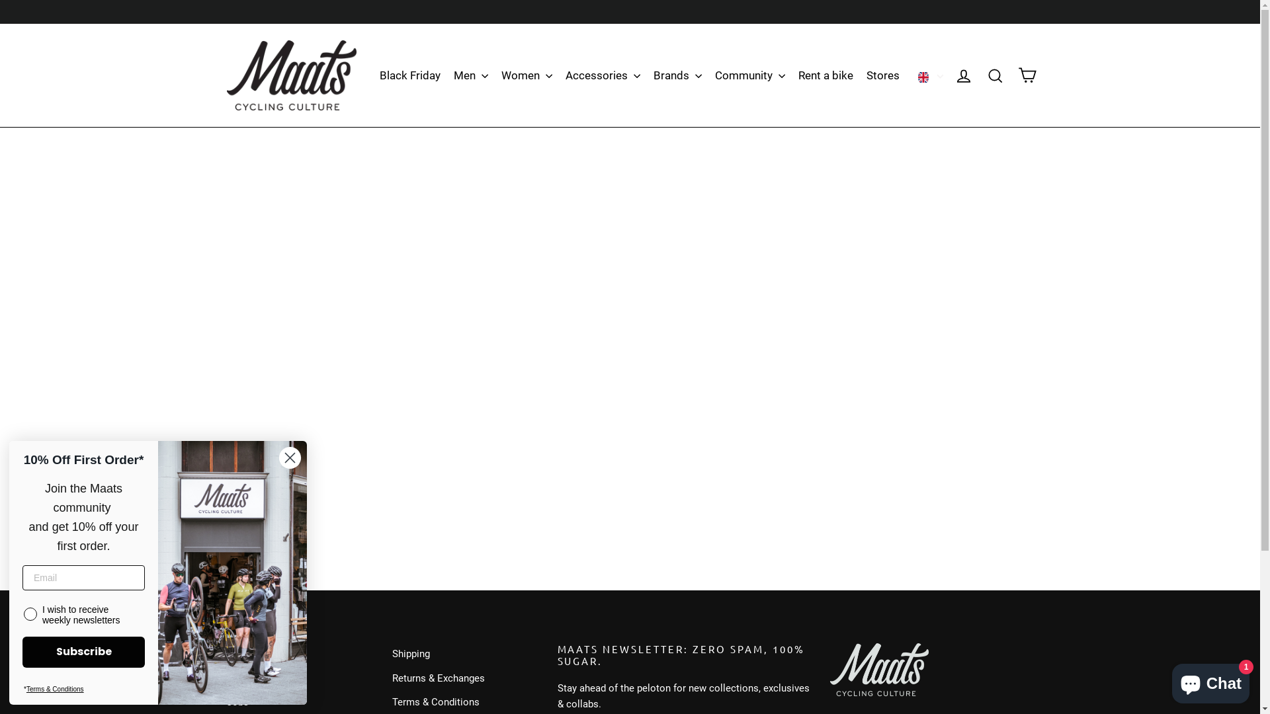  I want to click on 'Men', so click(470, 75).